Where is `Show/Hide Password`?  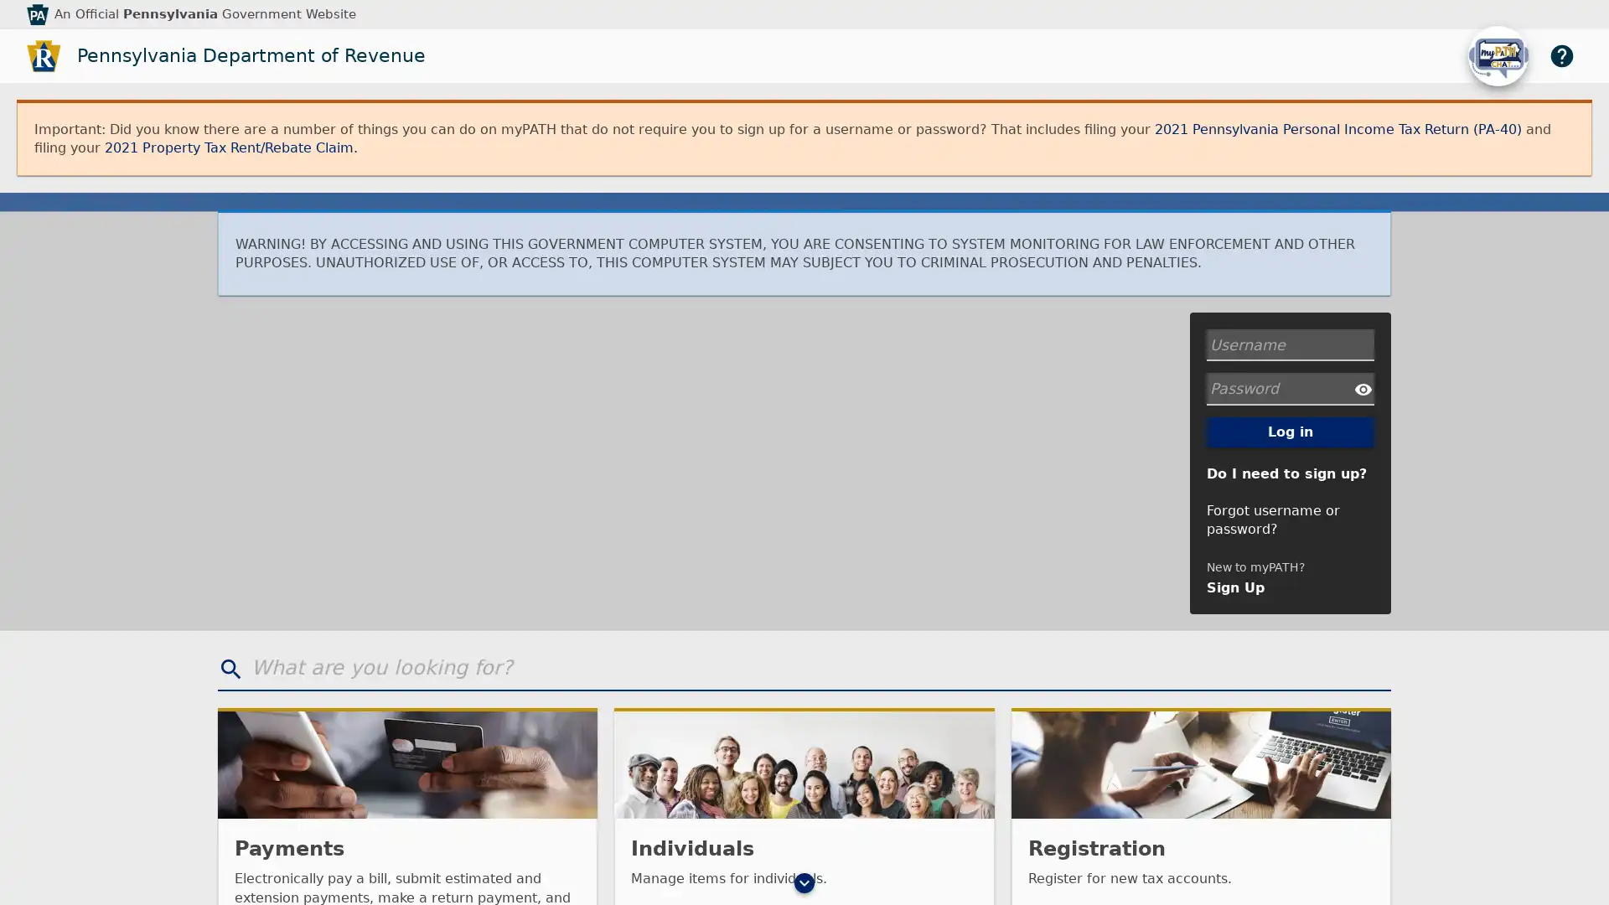
Show/Hide Password is located at coordinates (1363, 388).